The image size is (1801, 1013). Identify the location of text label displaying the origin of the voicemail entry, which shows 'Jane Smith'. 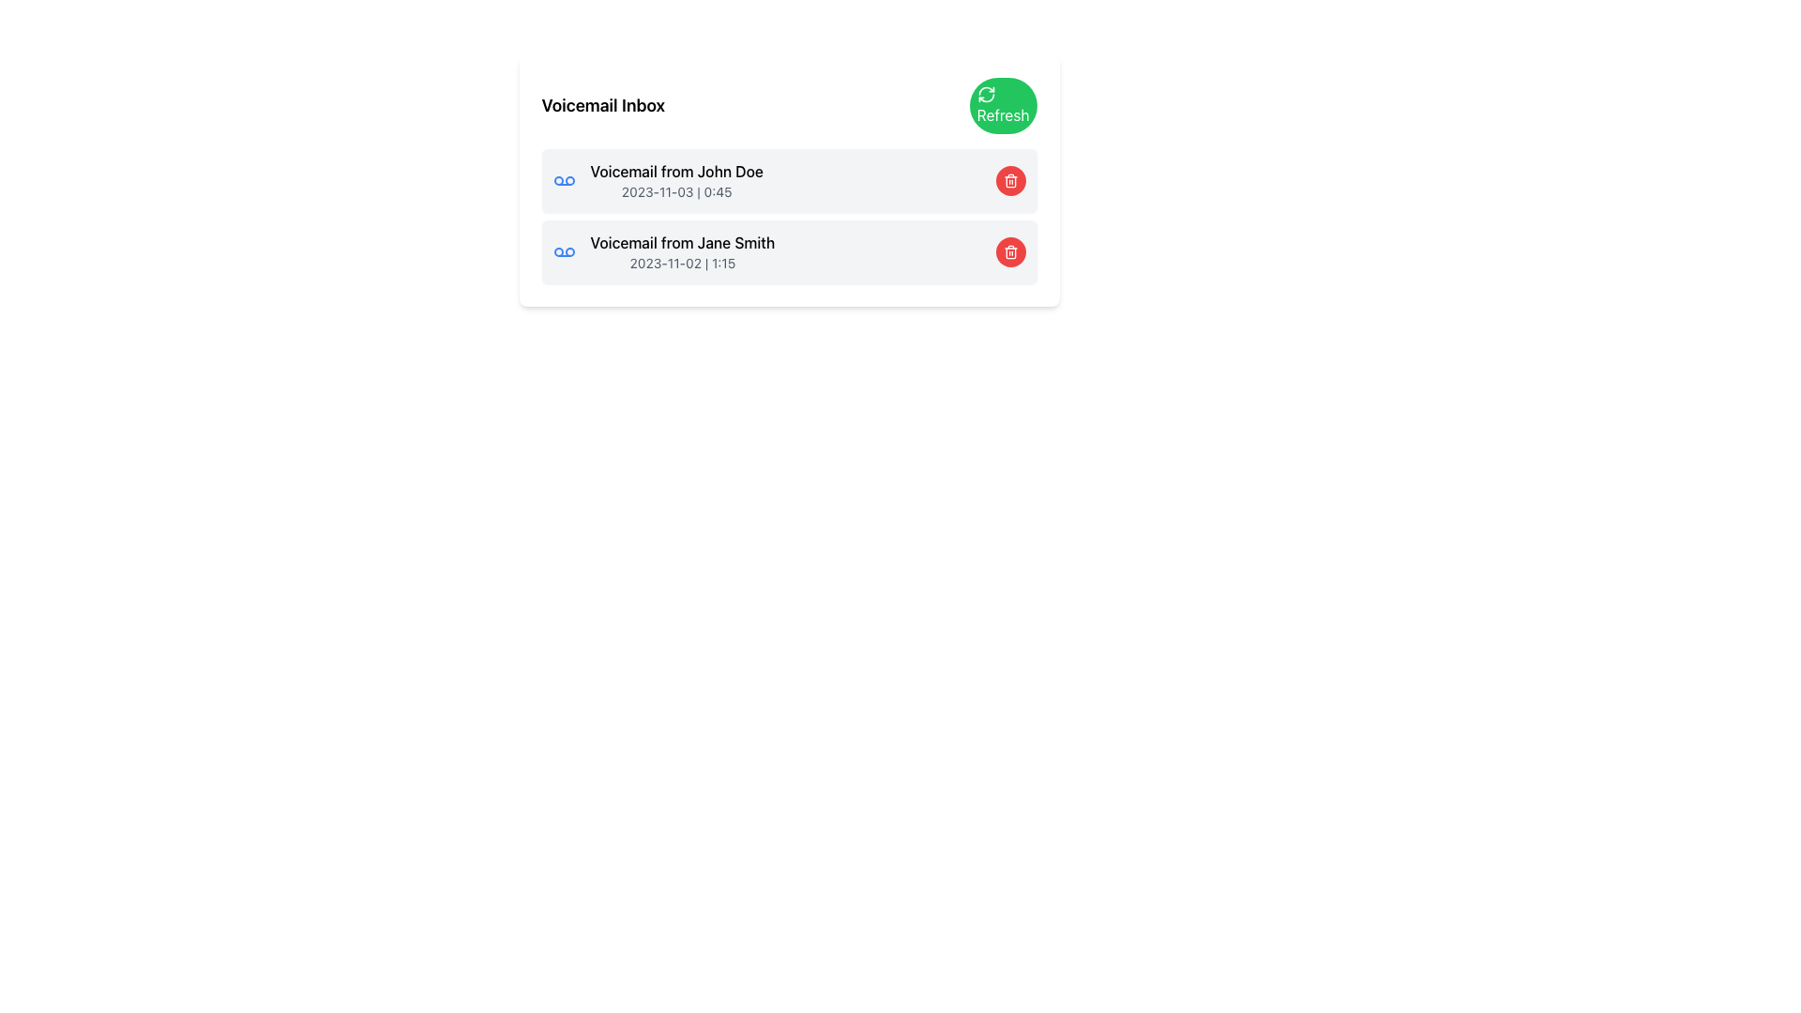
(681, 241).